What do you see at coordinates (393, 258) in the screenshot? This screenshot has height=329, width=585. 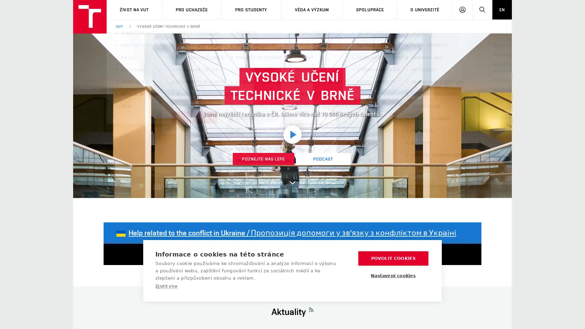 I see `POVOLIT COOKIES` at bounding box center [393, 258].